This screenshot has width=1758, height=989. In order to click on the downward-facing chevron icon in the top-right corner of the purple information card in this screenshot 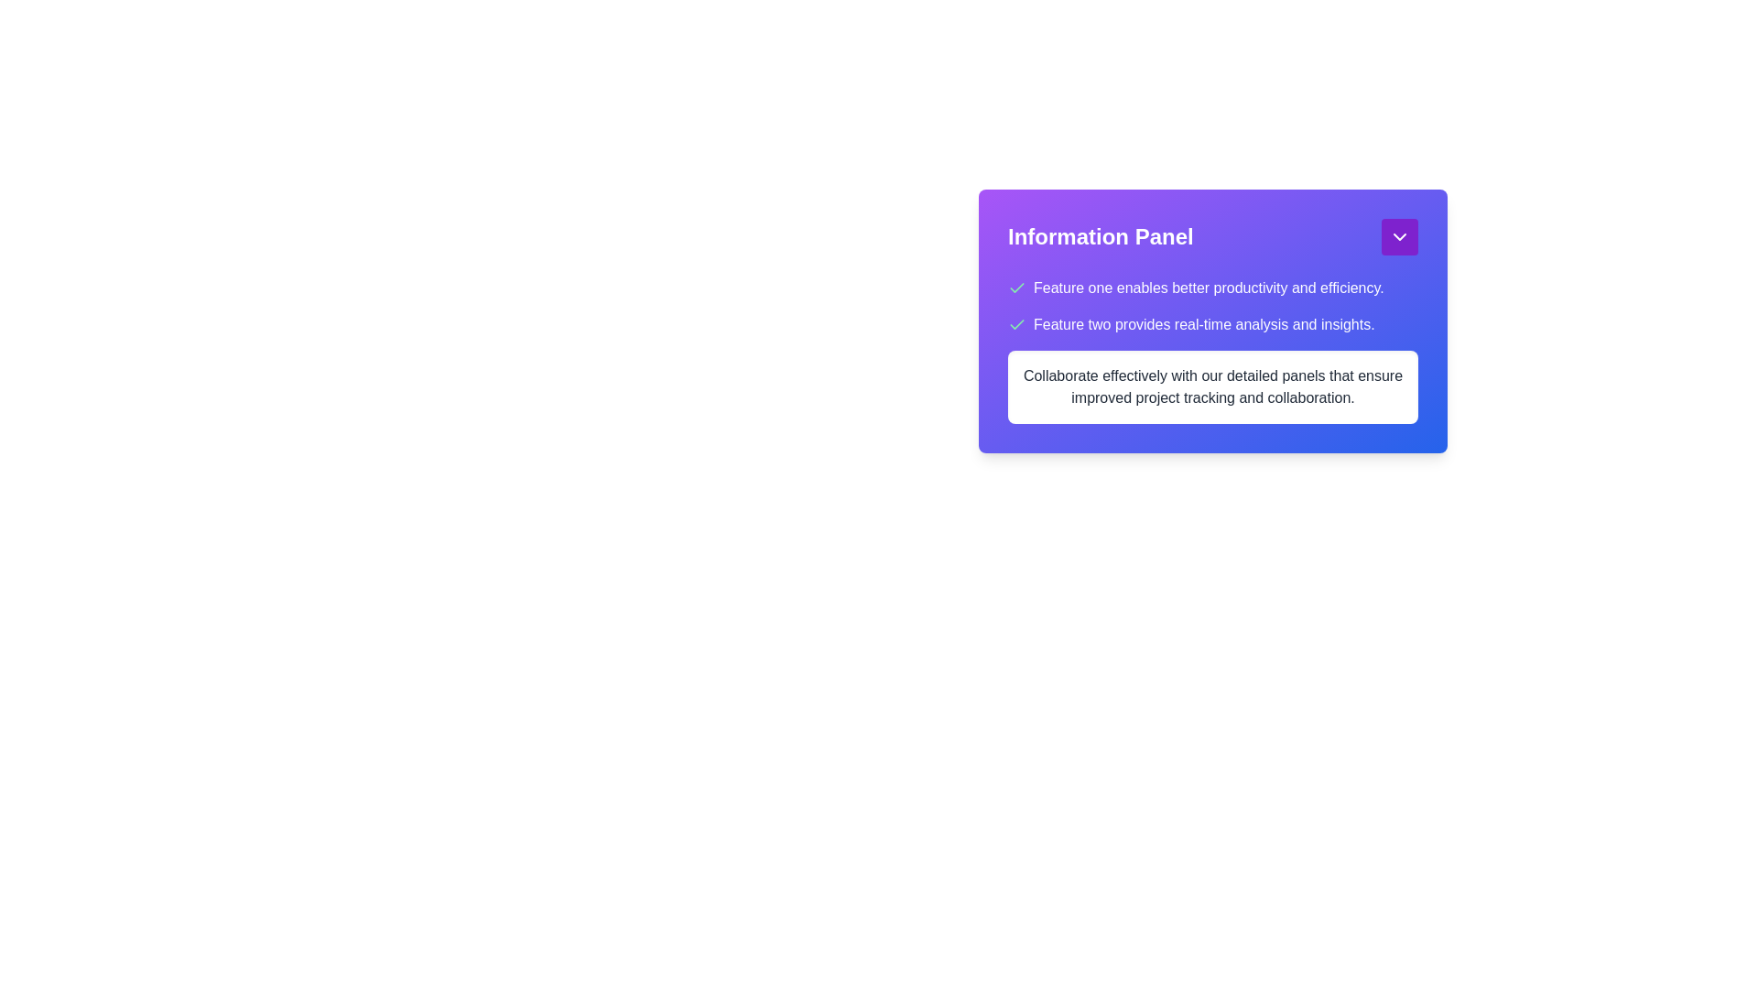, I will do `click(1399, 235)`.